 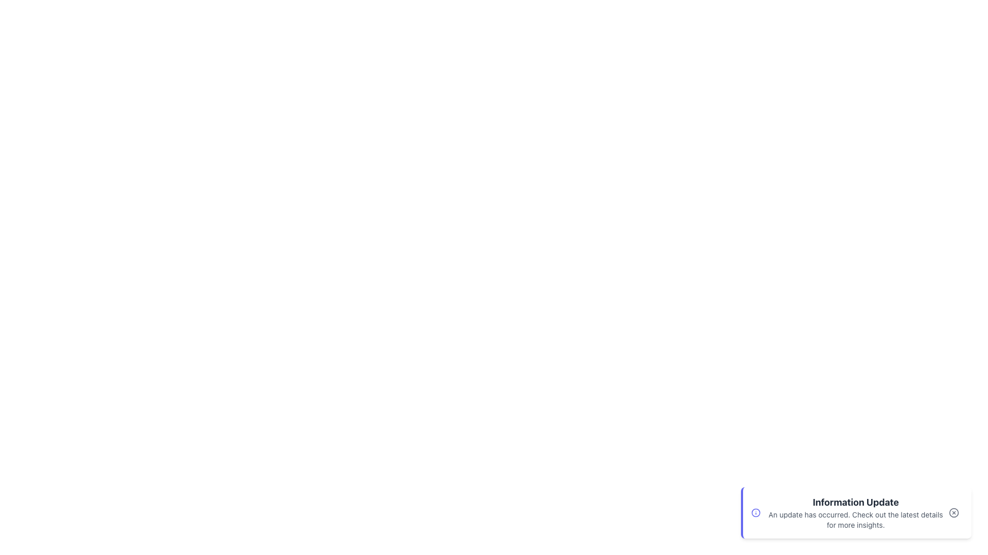 I want to click on the 'info' symbol represented by a Circle within an SVG component located at the bottom-right corner of the interface for the notification titled 'Information Update', so click(x=756, y=513).